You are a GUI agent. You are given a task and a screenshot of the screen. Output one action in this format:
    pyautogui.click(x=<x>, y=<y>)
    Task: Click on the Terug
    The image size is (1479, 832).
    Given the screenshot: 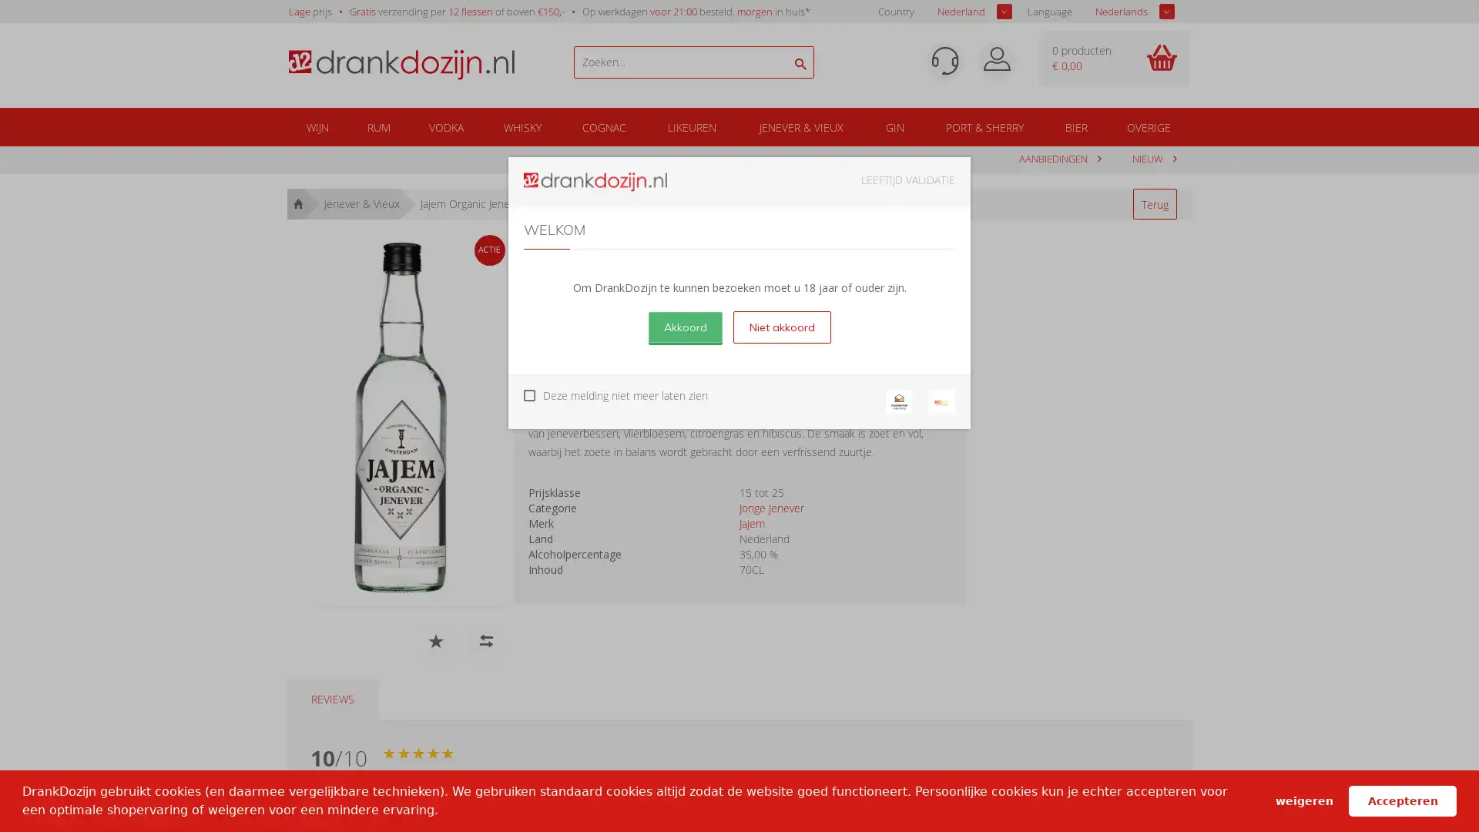 What is the action you would take?
    pyautogui.click(x=1154, y=203)
    